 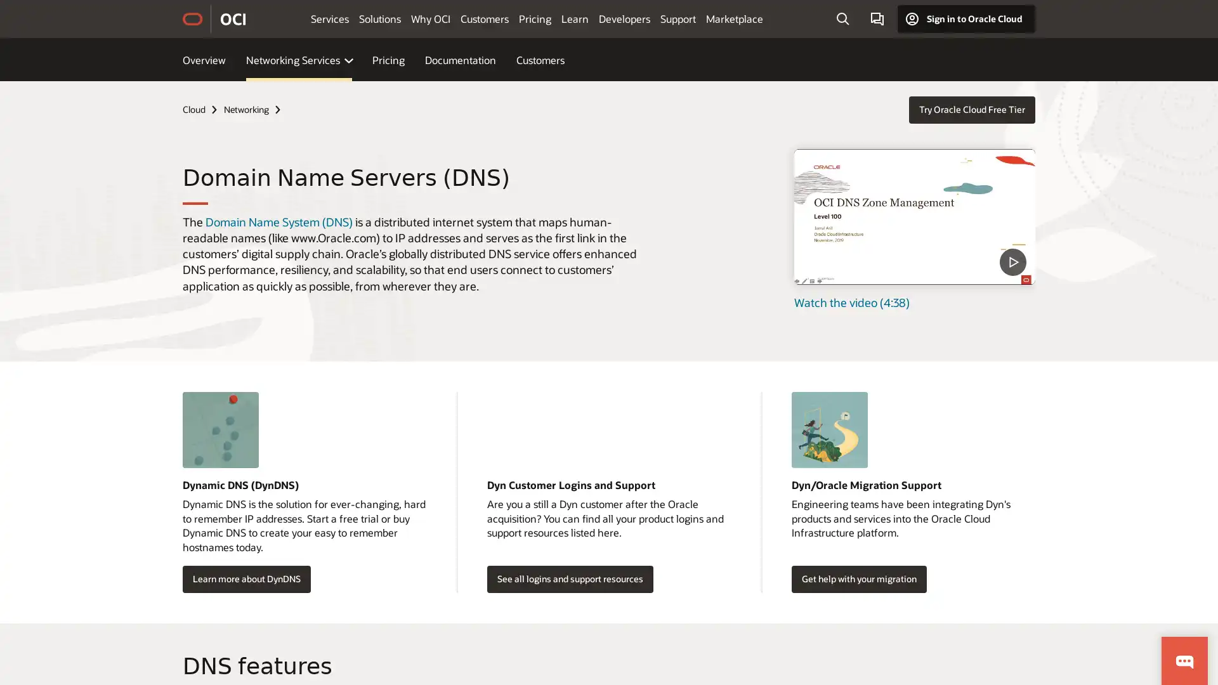 What do you see at coordinates (379, 18) in the screenshot?
I see `Solutions` at bounding box center [379, 18].